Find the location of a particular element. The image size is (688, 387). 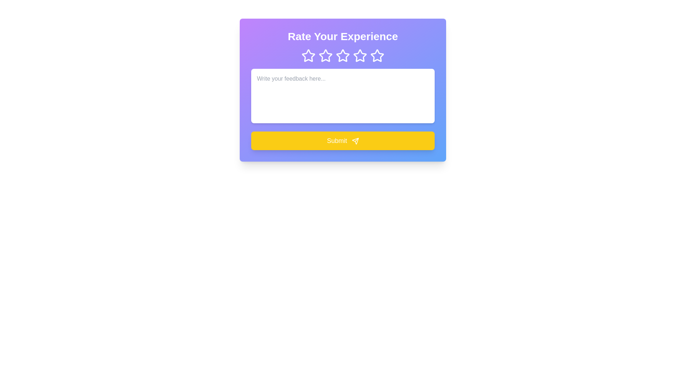

the third star icon in the row of five star icons is located at coordinates (342, 55).